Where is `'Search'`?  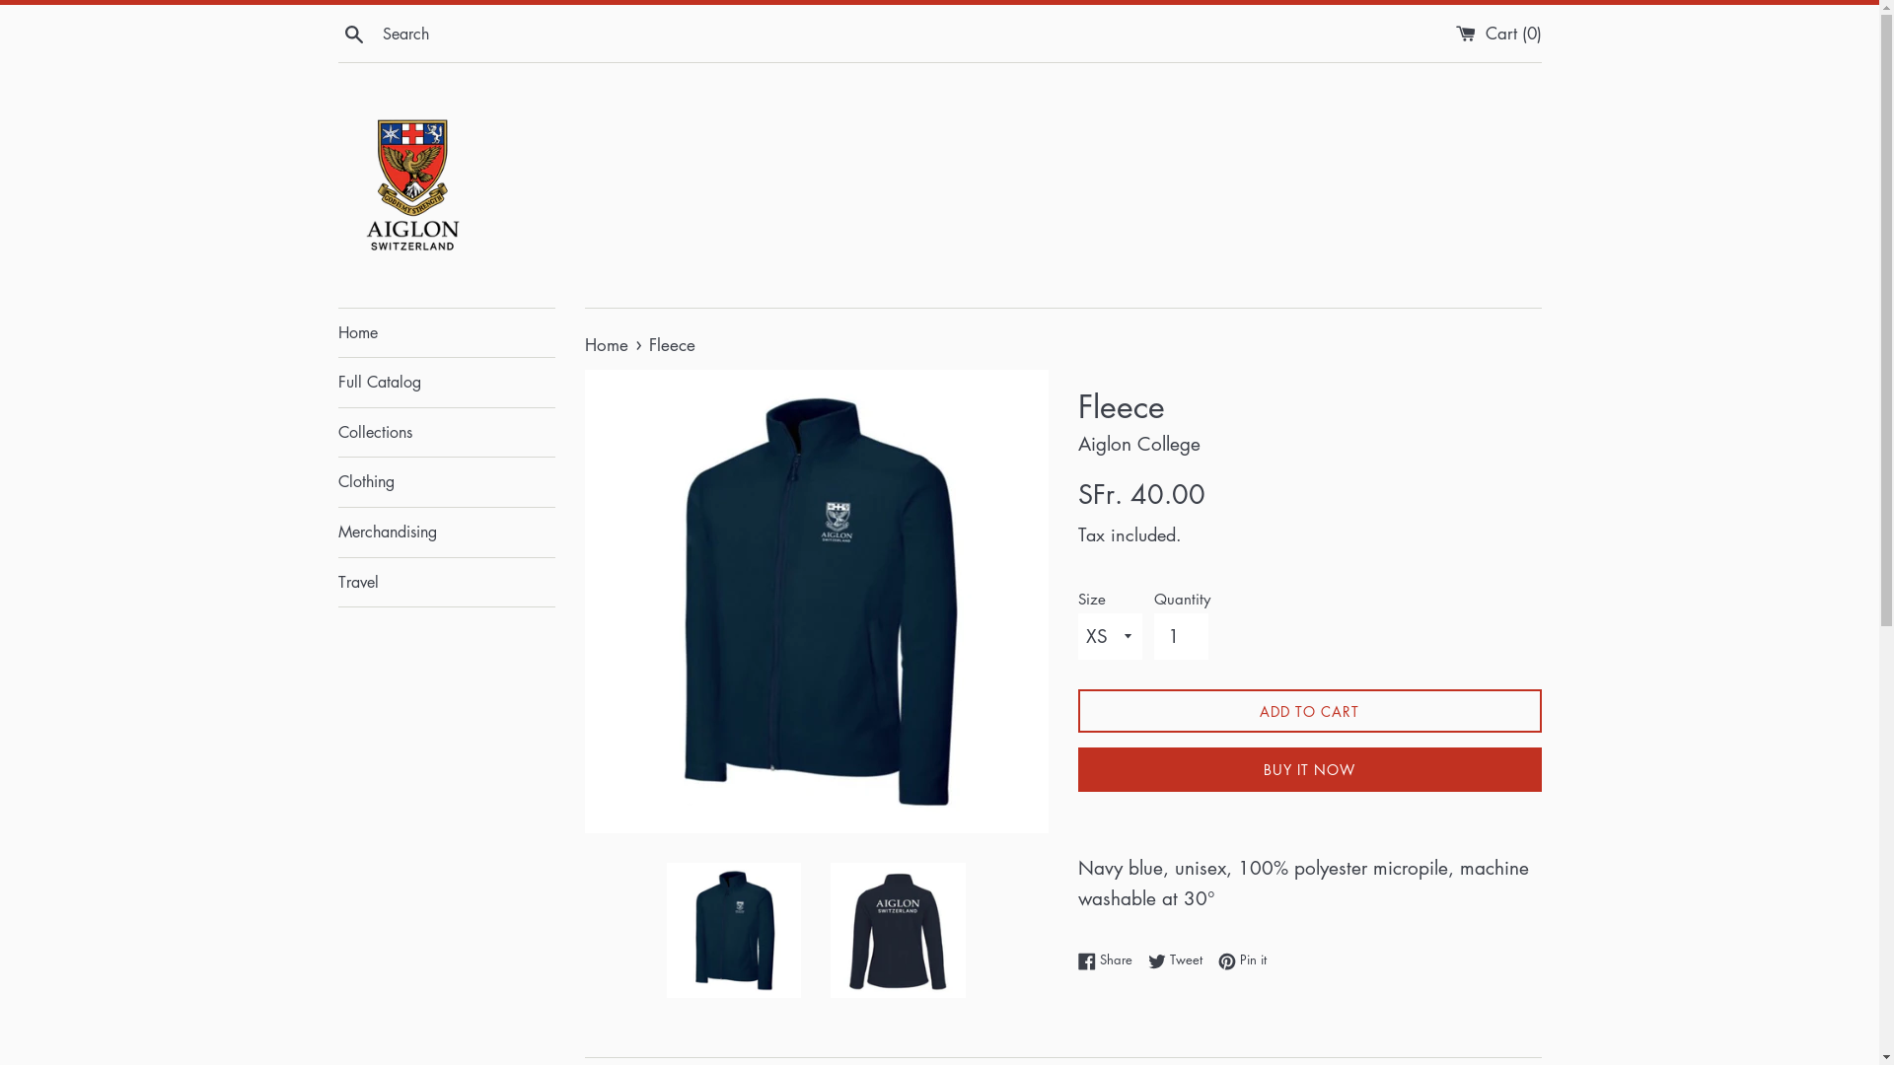 'Search' is located at coordinates (353, 31).